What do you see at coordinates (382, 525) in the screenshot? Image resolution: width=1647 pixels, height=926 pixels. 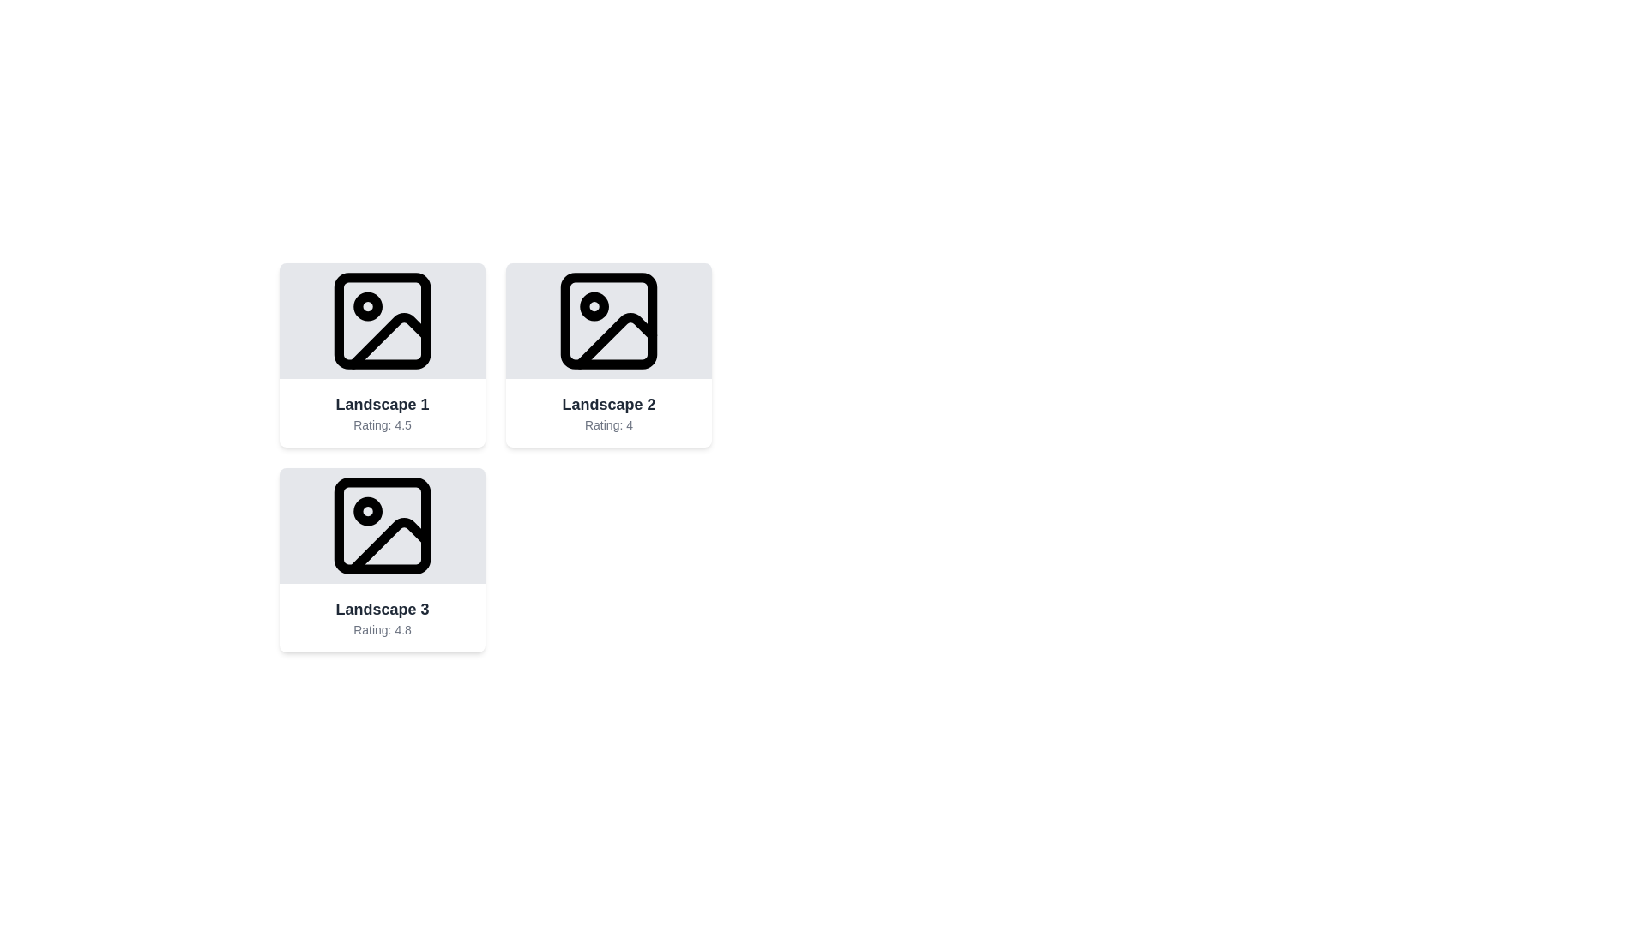 I see `the Image Placeholder icon located in the 'Landscape 3' card` at bounding box center [382, 525].